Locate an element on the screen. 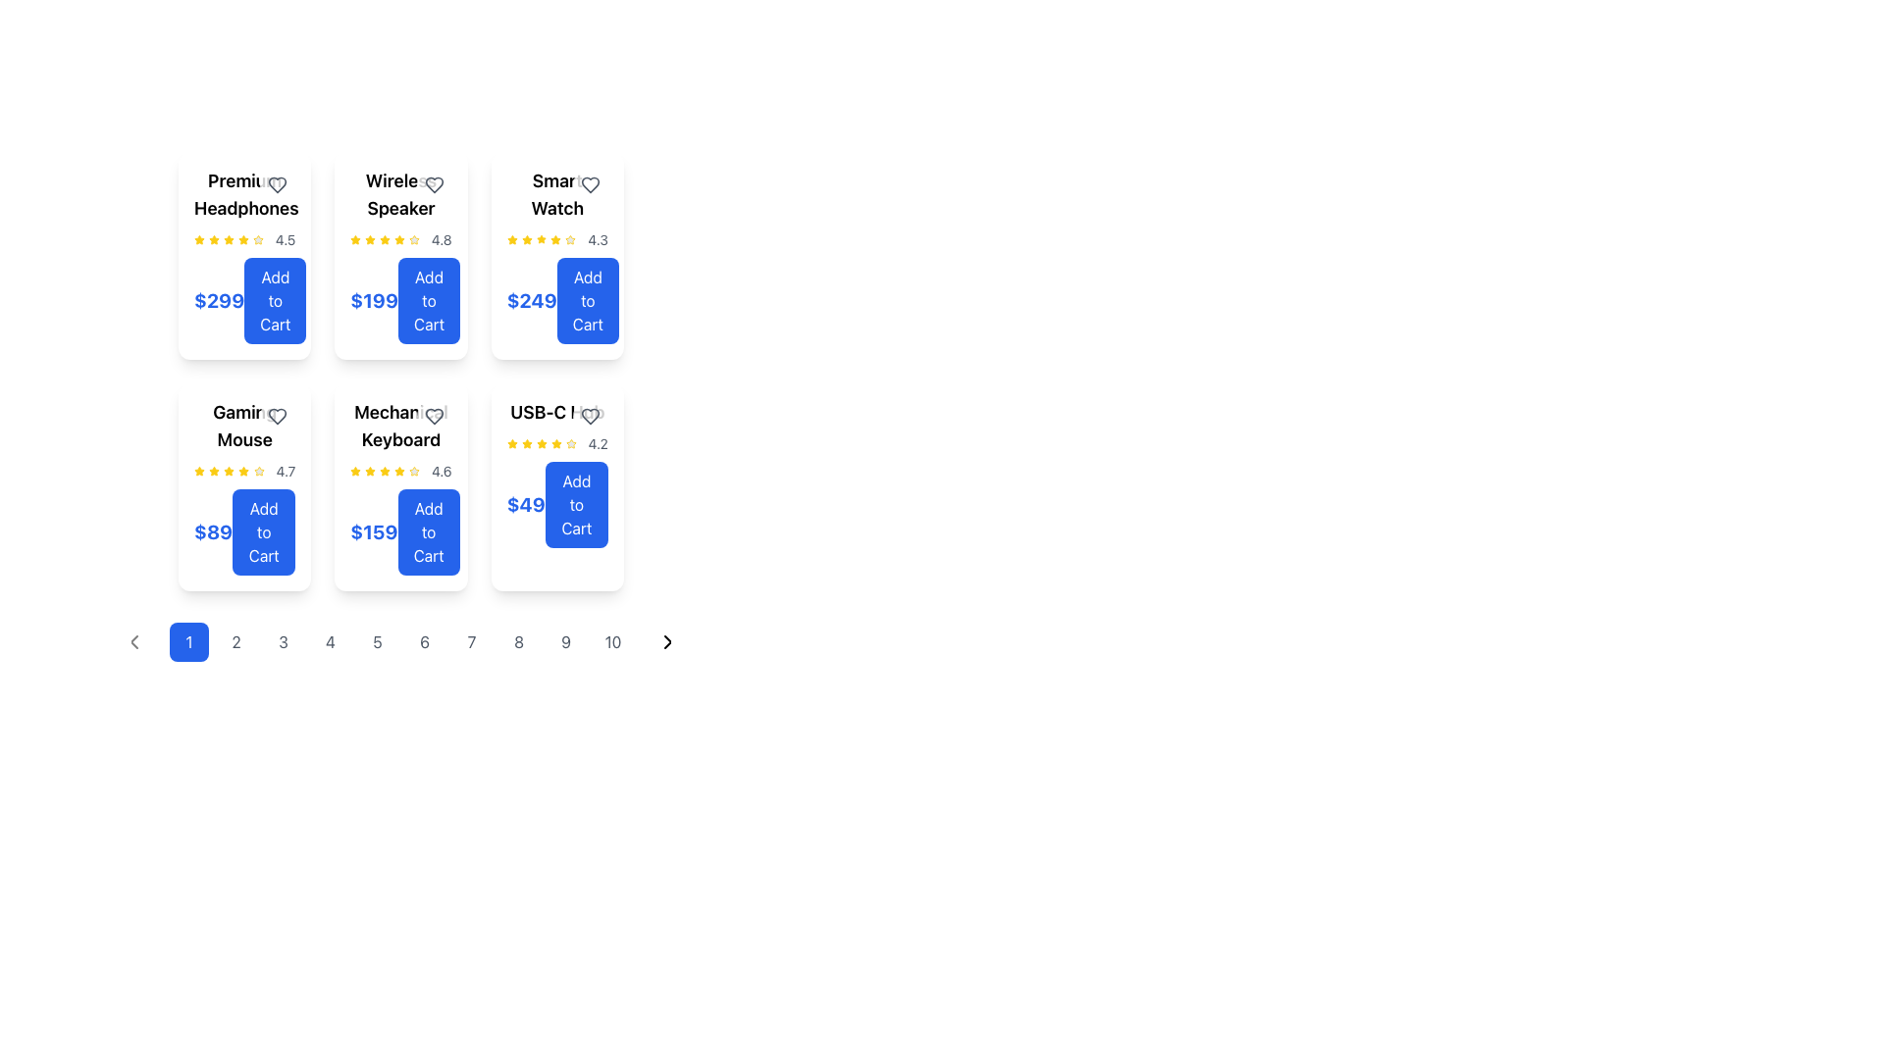 This screenshot has height=1059, width=1884. the sixth yellow star icon in the product rating interface for 'Gaming Mouse' is located at coordinates (243, 472).